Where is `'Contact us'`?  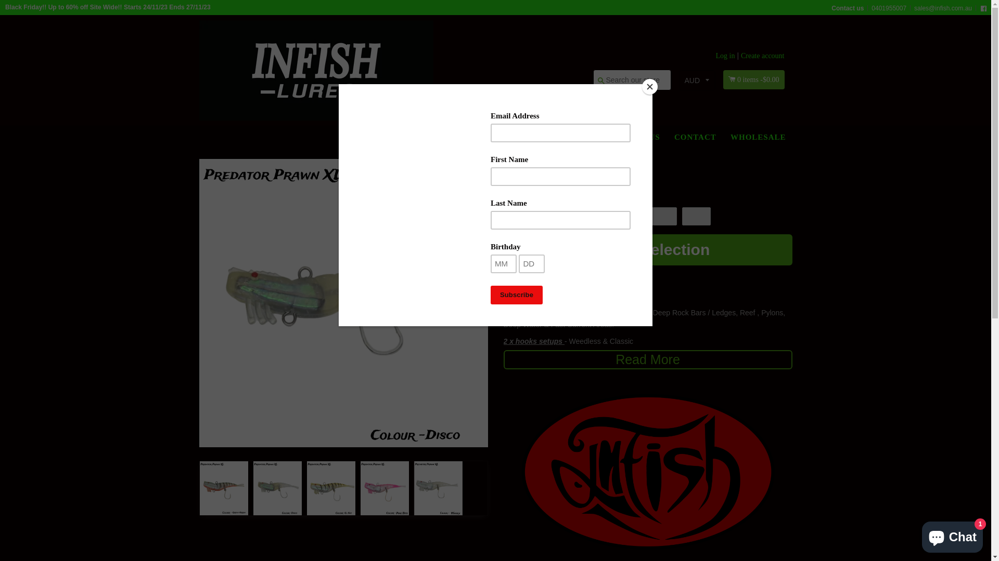
'Contact us' is located at coordinates (847, 8).